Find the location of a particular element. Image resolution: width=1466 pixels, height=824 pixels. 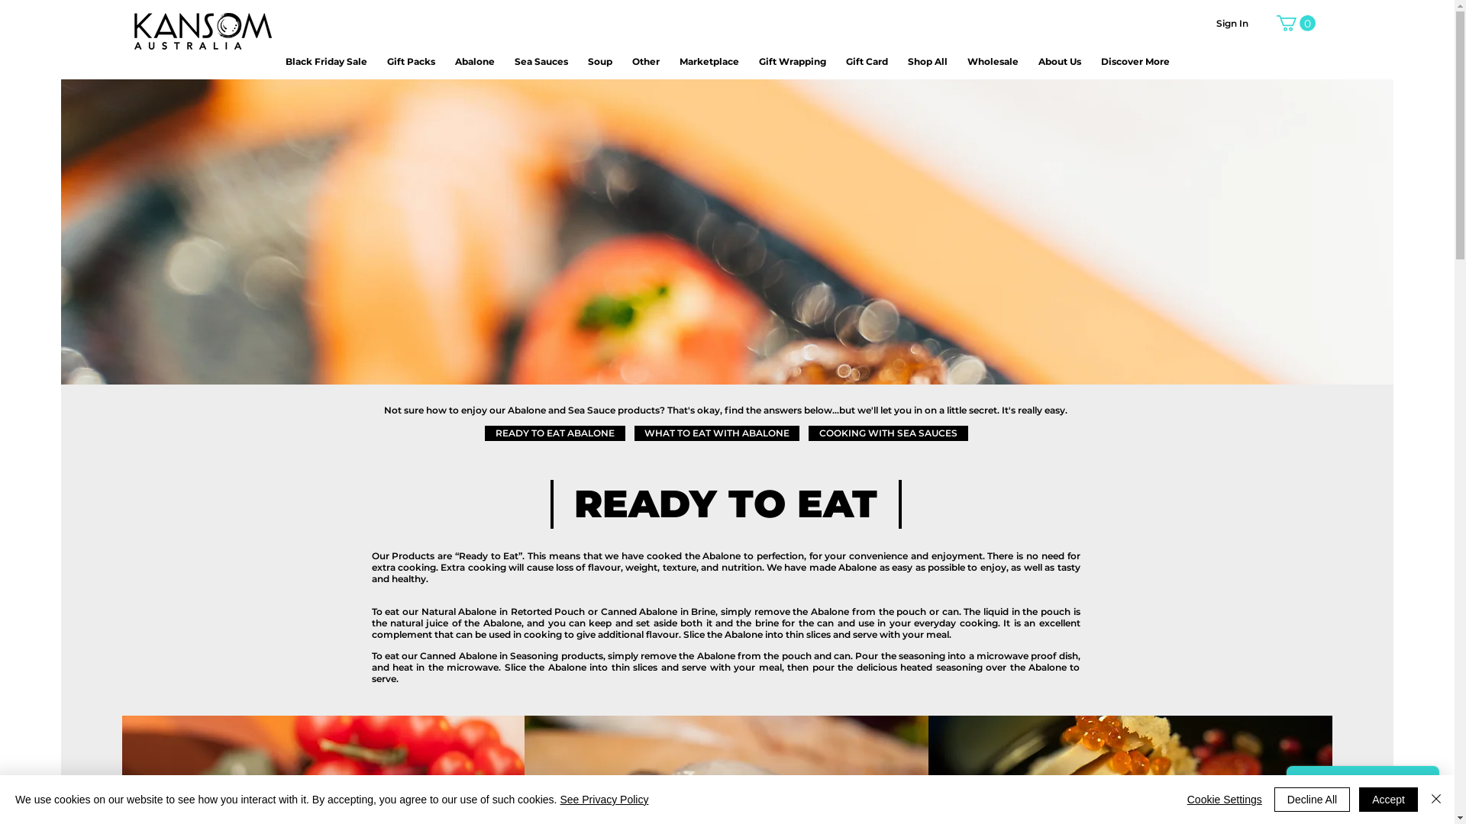

'Soup' is located at coordinates (599, 60).